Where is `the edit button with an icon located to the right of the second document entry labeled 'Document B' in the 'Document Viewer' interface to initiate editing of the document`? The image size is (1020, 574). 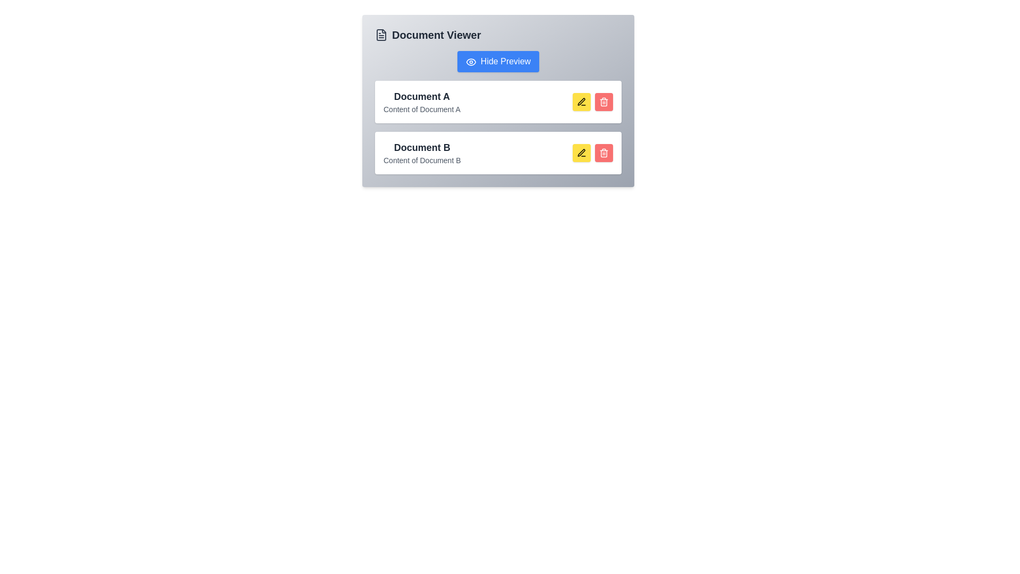 the edit button with an icon located to the right of the second document entry labeled 'Document B' in the 'Document Viewer' interface to initiate editing of the document is located at coordinates (581, 153).